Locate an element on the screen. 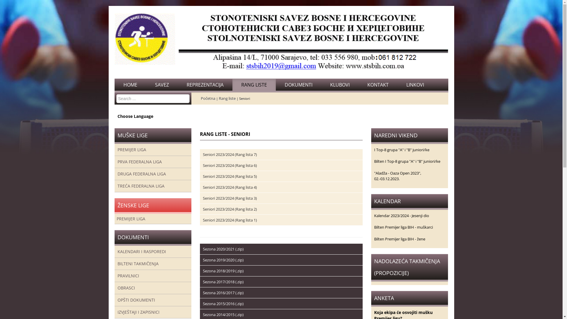 The image size is (567, 319). 'RANG LISTE' is located at coordinates (232, 84).